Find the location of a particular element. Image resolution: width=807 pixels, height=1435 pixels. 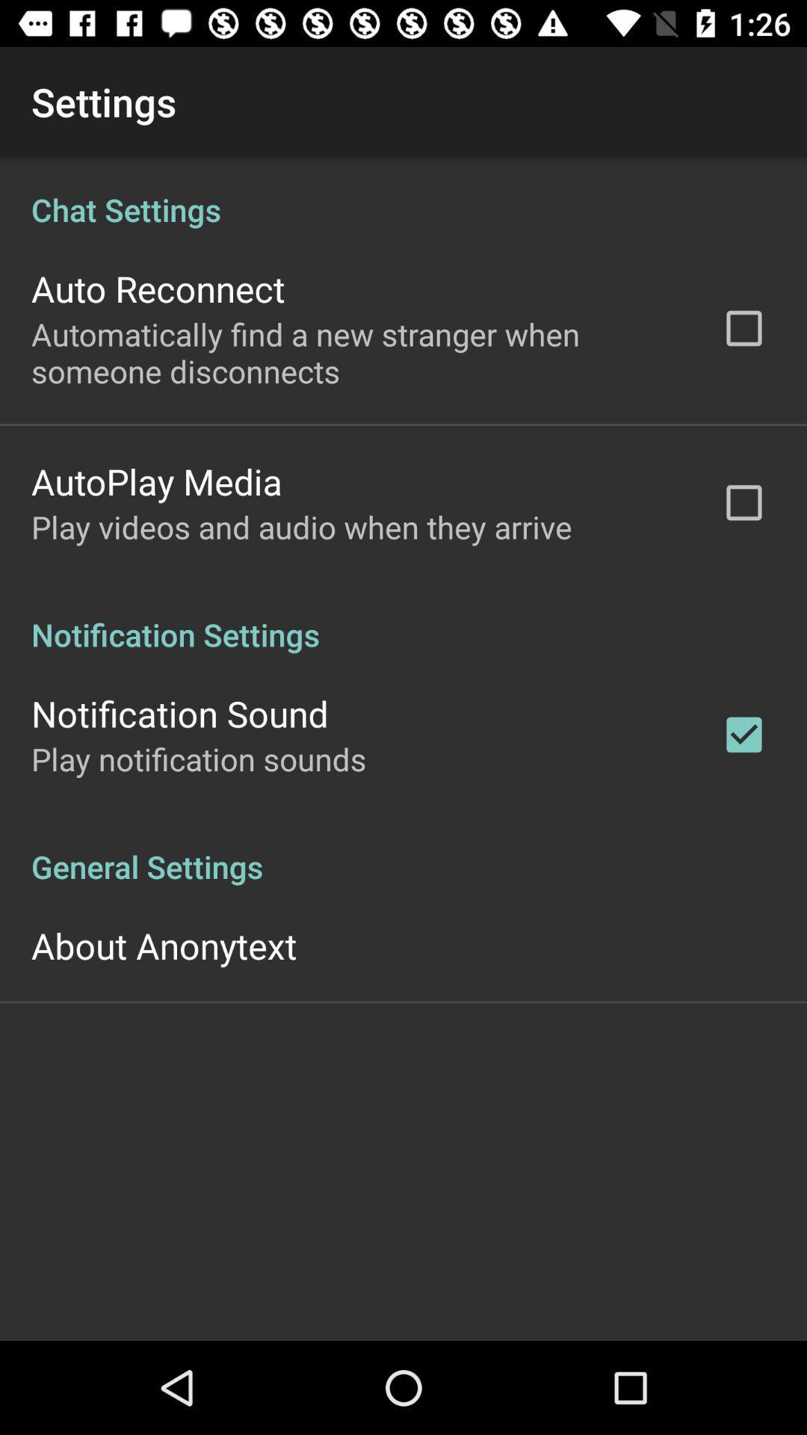

the general settings icon is located at coordinates (403, 851).